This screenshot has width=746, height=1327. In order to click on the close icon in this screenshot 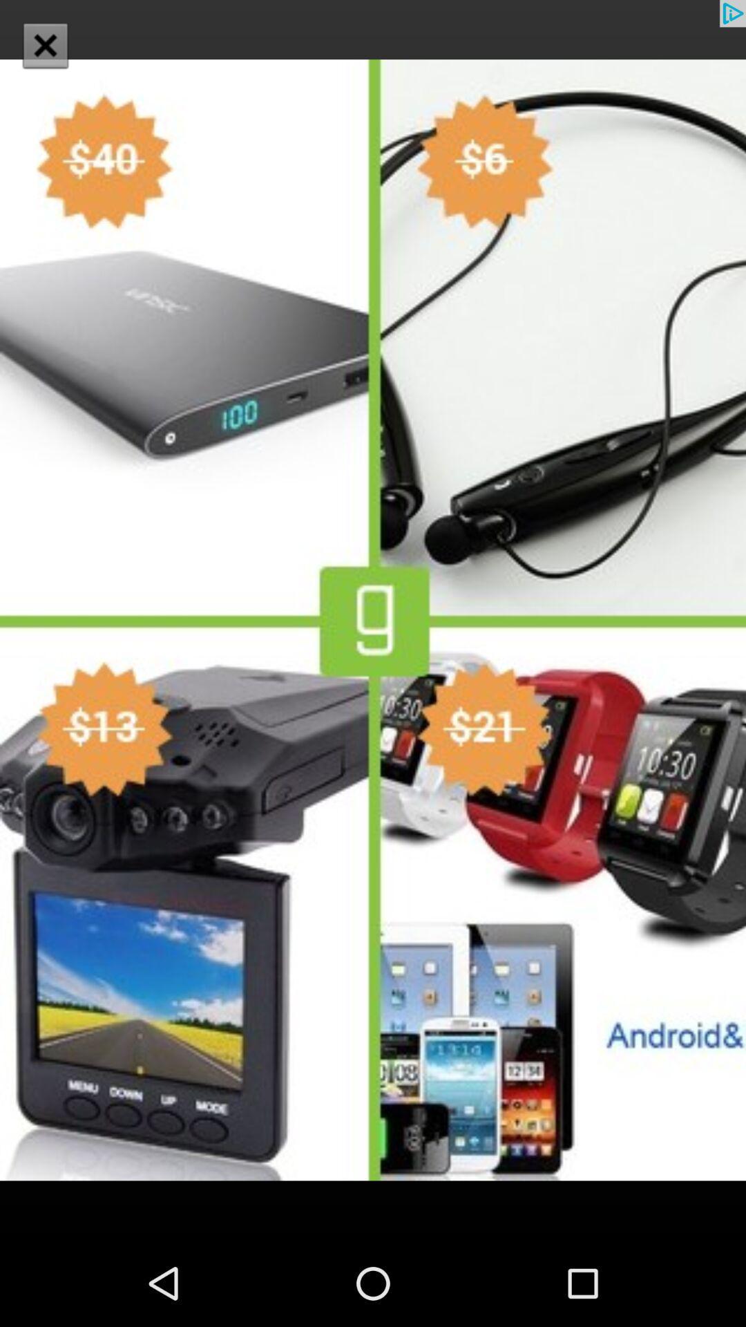, I will do `click(44, 48)`.